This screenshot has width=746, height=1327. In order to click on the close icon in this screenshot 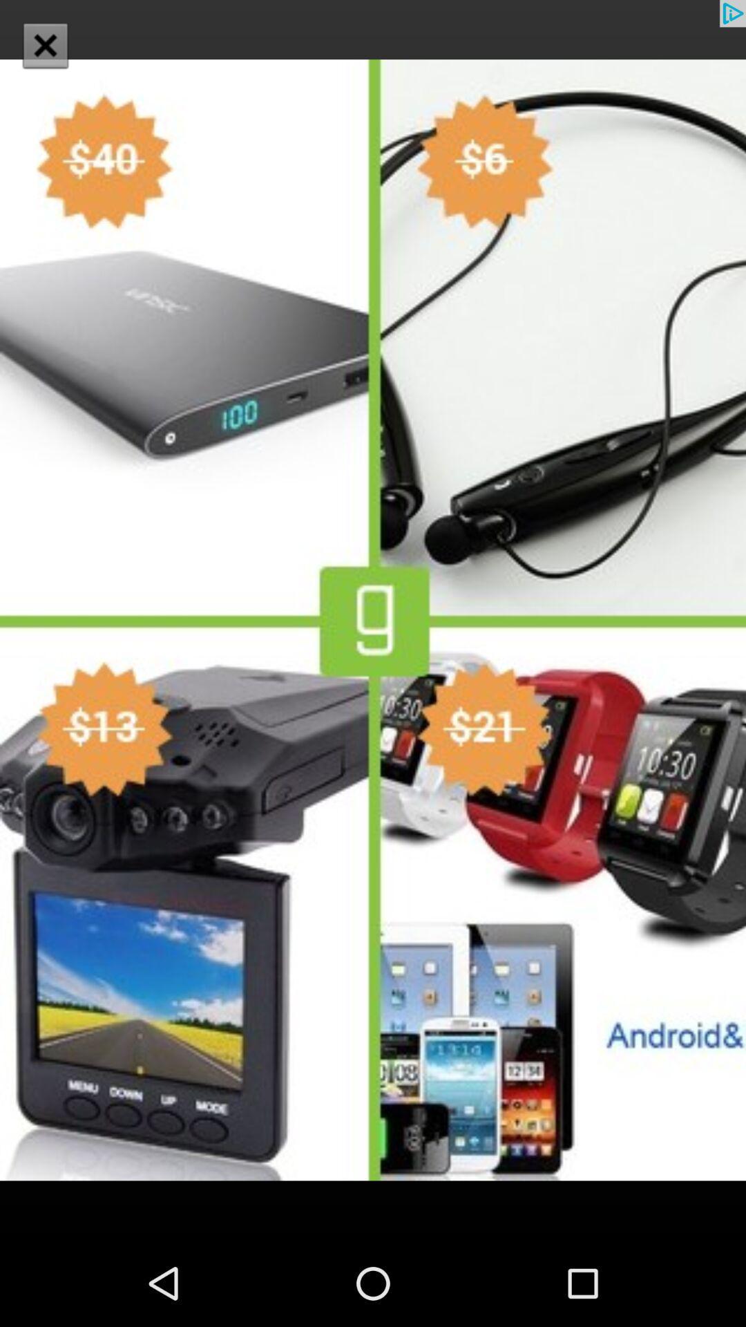, I will do `click(44, 48)`.